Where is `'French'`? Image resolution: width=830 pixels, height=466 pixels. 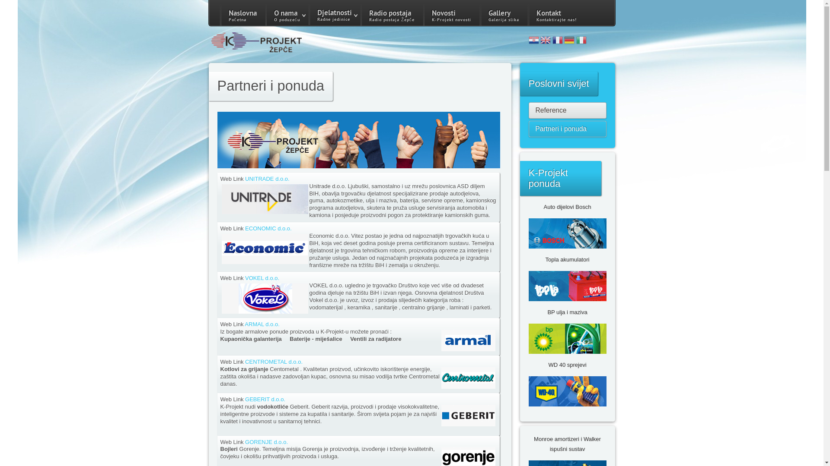 'French' is located at coordinates (558, 41).